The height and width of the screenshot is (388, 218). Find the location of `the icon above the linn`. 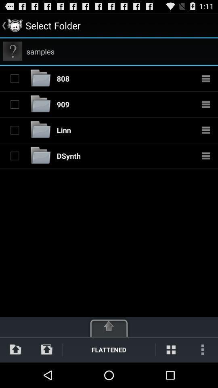

the icon above the linn is located at coordinates (63, 103).